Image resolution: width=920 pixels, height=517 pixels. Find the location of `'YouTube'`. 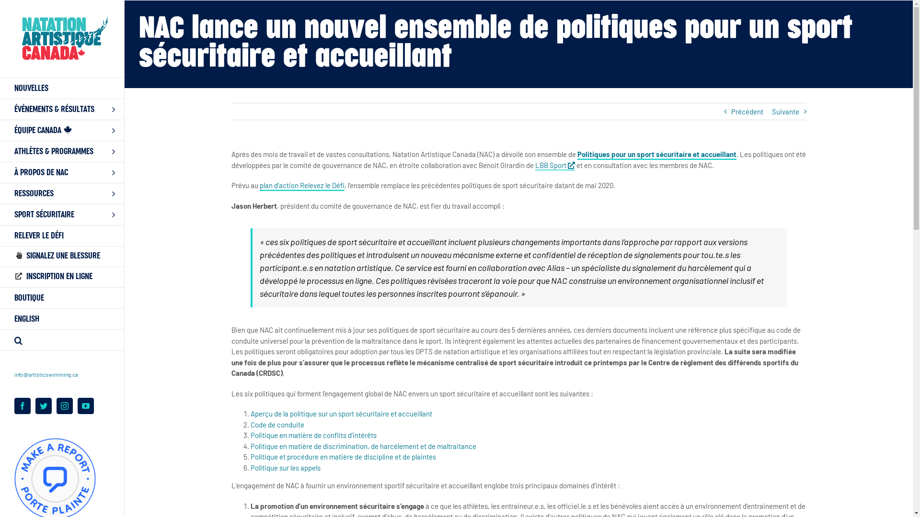

'YouTube' is located at coordinates (78, 406).